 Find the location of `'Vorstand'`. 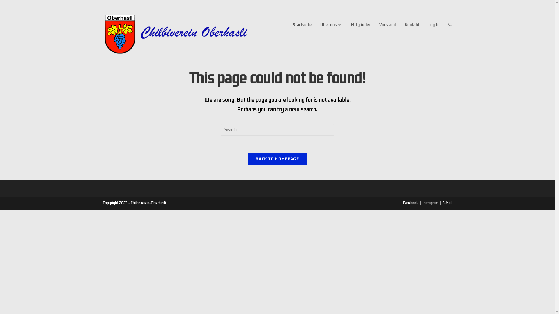

'Vorstand' is located at coordinates (375, 24).